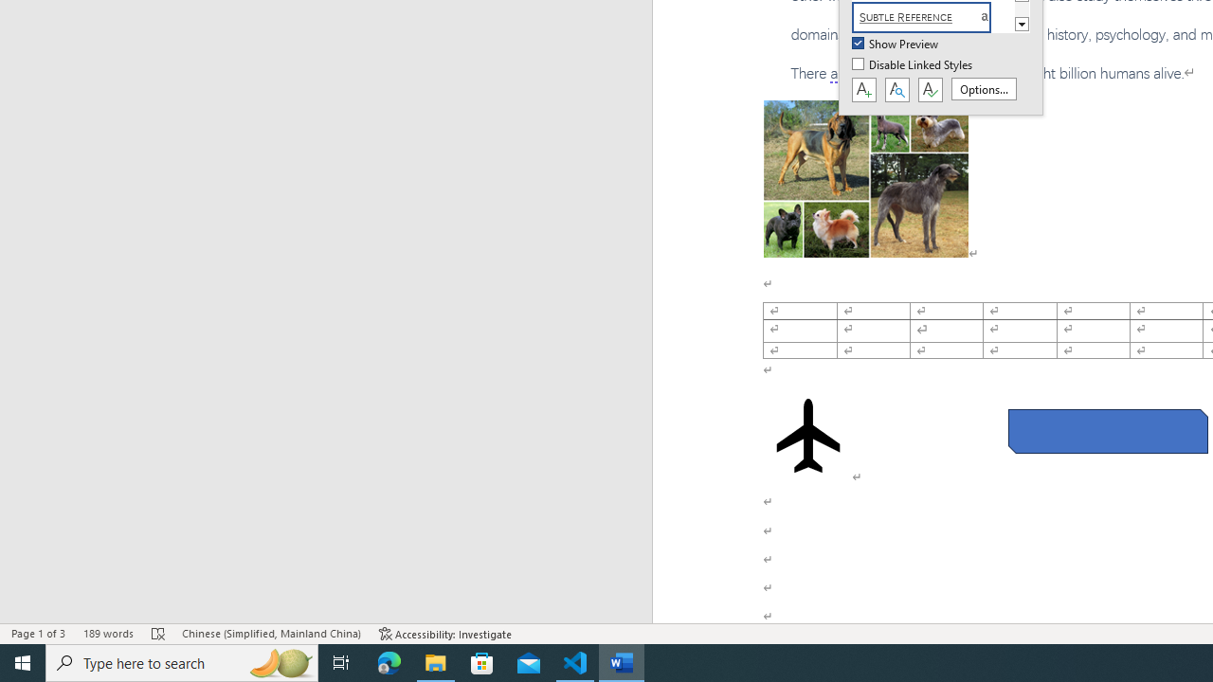 Image resolution: width=1213 pixels, height=682 pixels. I want to click on 'Accessibility Checker Accessibility: Investigate', so click(444, 634).